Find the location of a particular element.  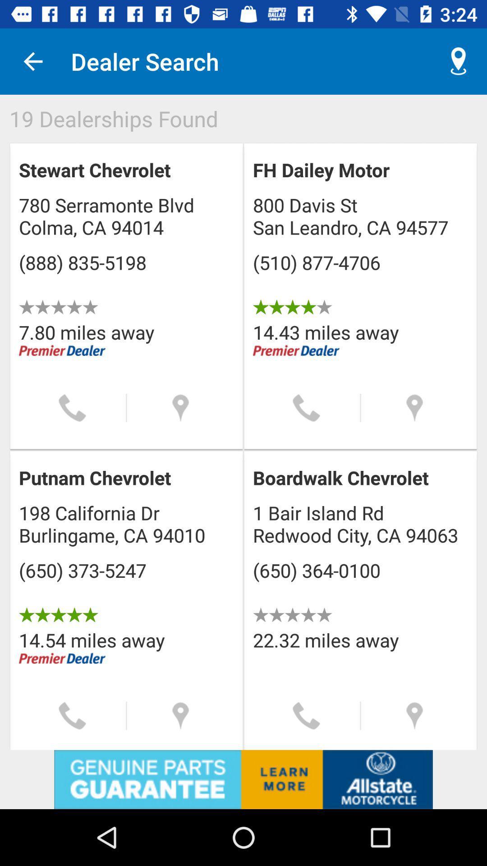

location is located at coordinates (180, 715).